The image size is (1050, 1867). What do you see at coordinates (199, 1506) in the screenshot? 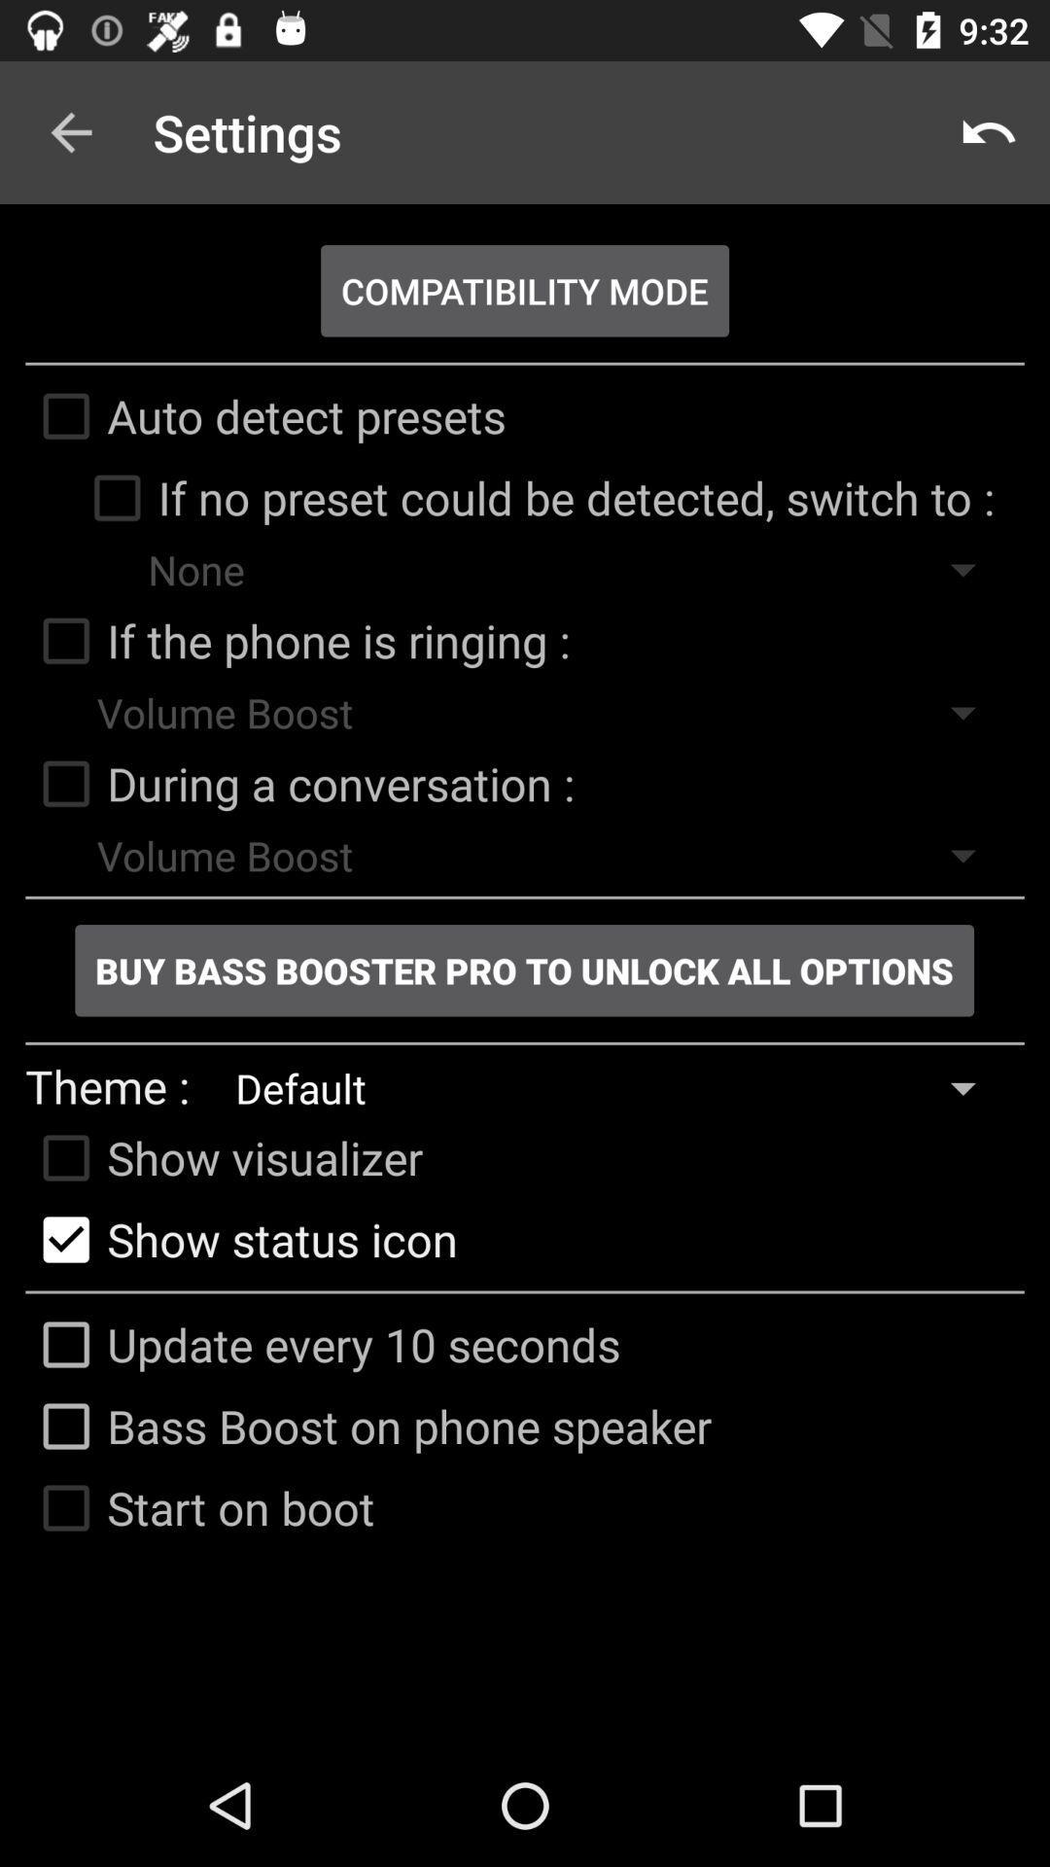
I see `the start on boot` at bounding box center [199, 1506].